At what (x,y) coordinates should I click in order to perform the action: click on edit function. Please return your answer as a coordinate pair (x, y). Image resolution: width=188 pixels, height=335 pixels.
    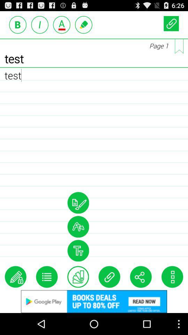
    Looking at the image, I should click on (15, 277).